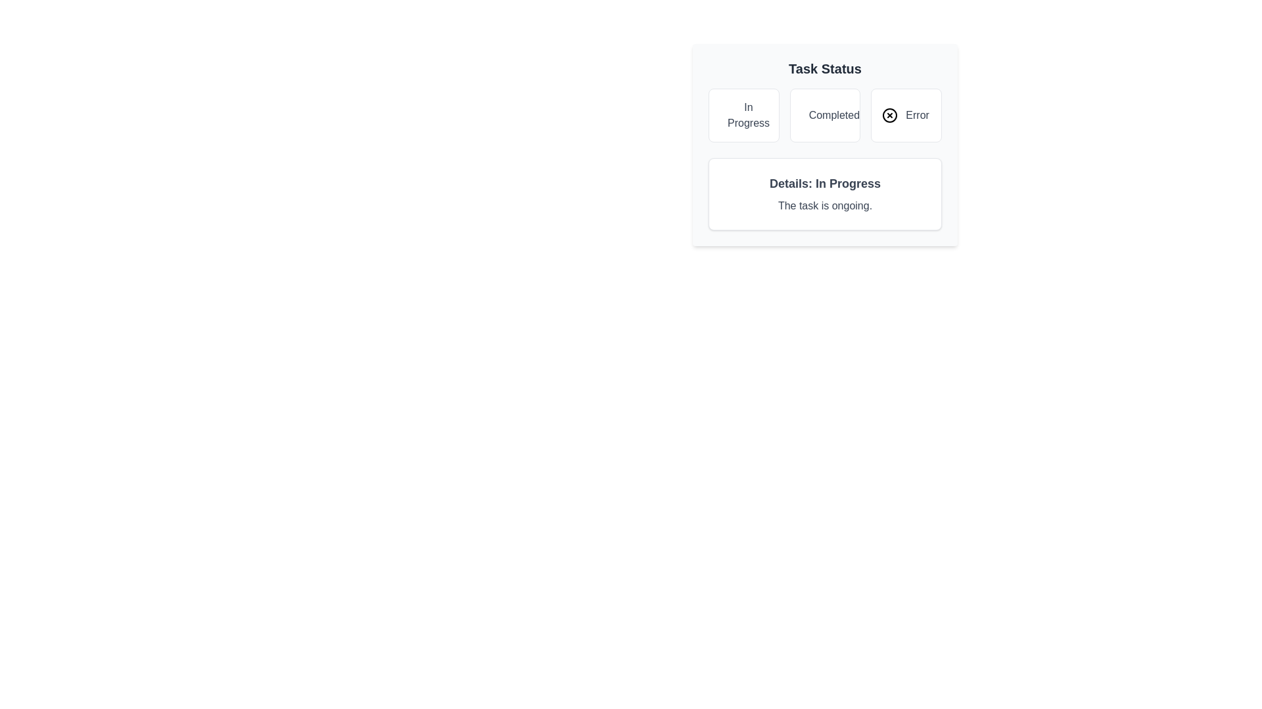 The image size is (1262, 709). What do you see at coordinates (824, 115) in the screenshot?
I see `the 'Completed' status item` at bounding box center [824, 115].